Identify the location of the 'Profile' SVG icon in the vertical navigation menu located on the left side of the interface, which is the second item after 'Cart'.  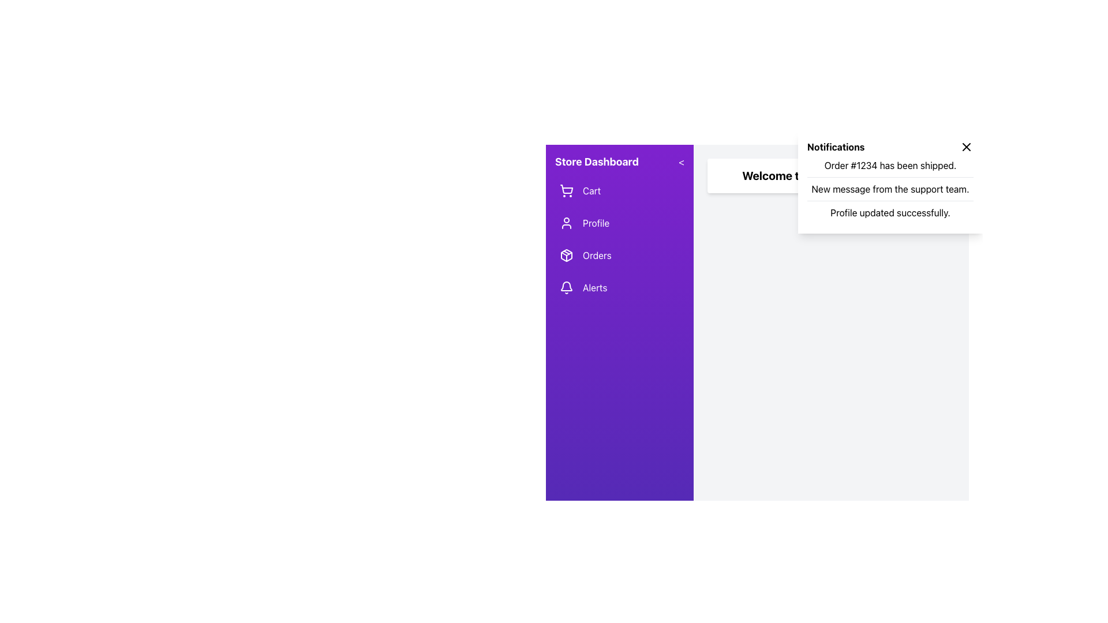
(567, 223).